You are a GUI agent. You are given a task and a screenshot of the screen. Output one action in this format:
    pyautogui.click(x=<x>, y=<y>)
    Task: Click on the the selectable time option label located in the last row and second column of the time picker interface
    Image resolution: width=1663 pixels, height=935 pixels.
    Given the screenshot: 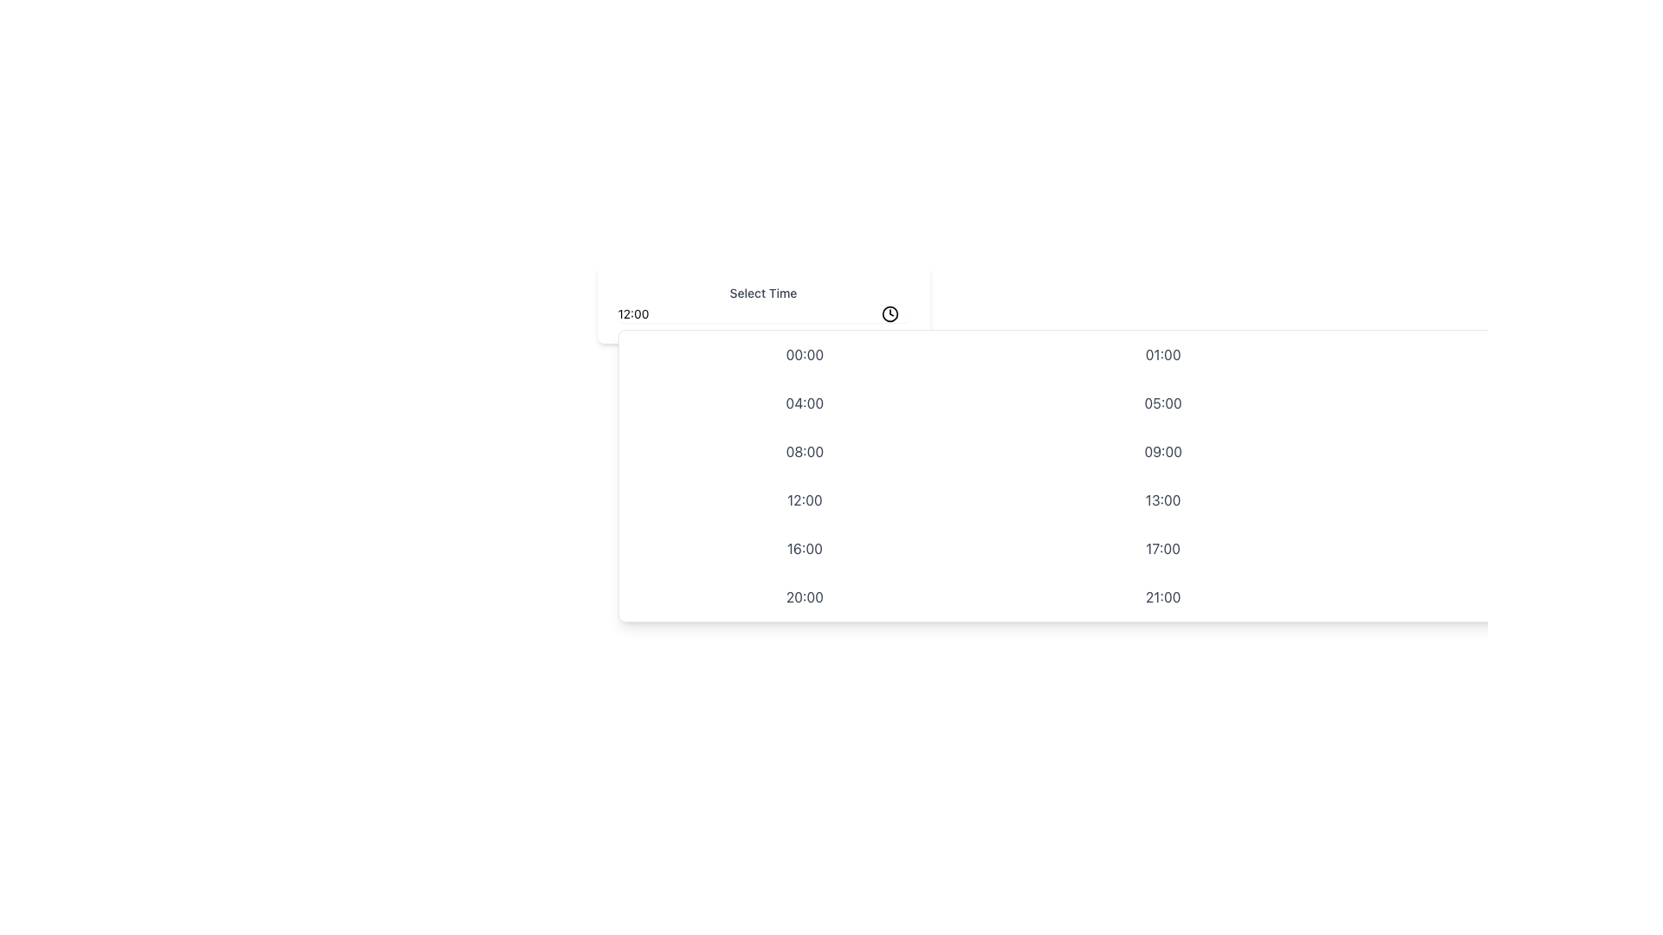 What is the action you would take?
    pyautogui.click(x=1163, y=596)
    